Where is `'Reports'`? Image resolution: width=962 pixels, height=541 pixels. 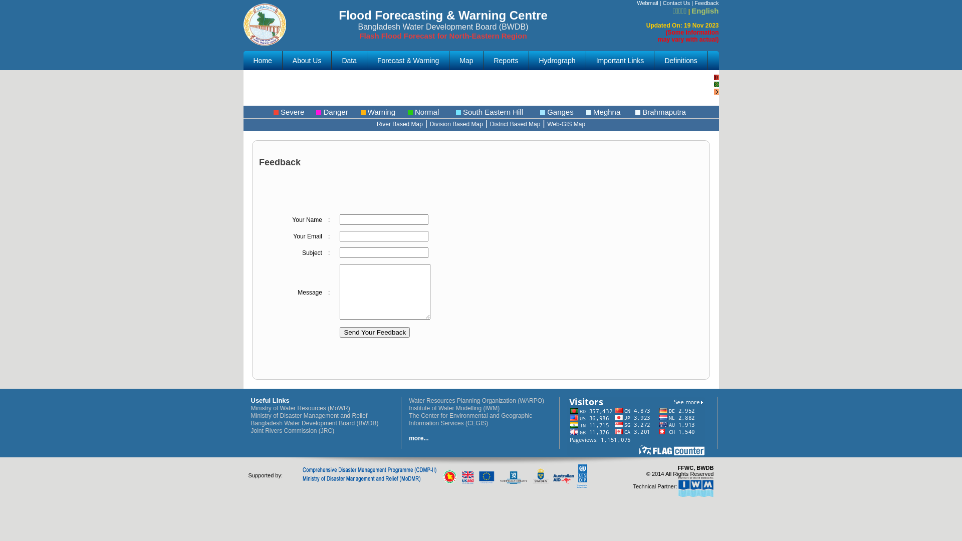
'Reports' is located at coordinates (506, 60).